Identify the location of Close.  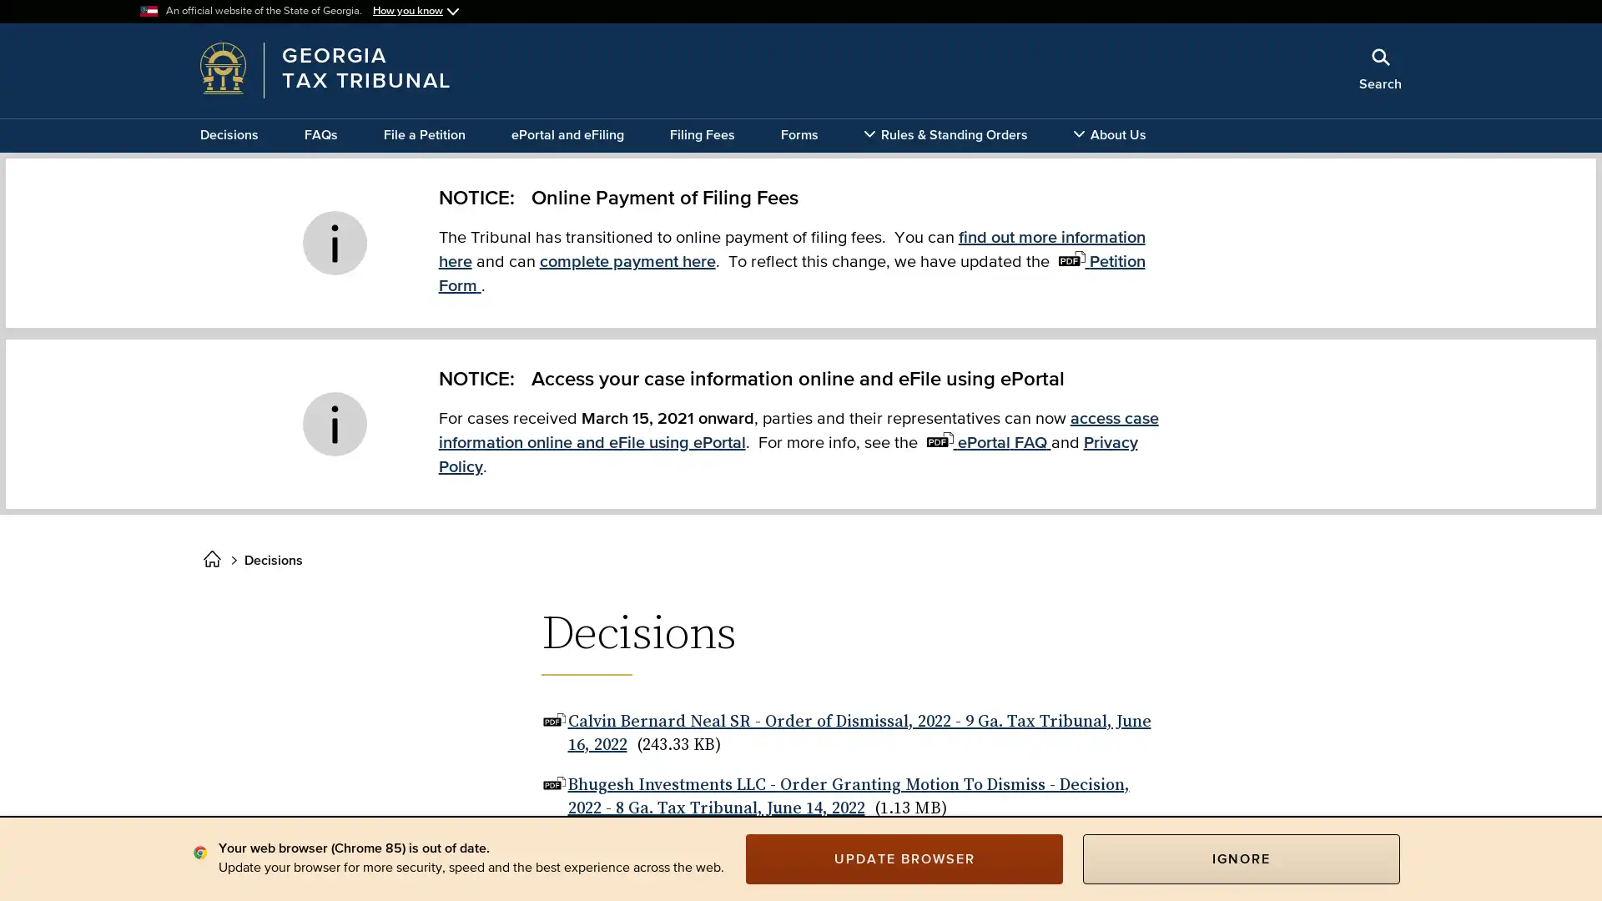
(1383, 52).